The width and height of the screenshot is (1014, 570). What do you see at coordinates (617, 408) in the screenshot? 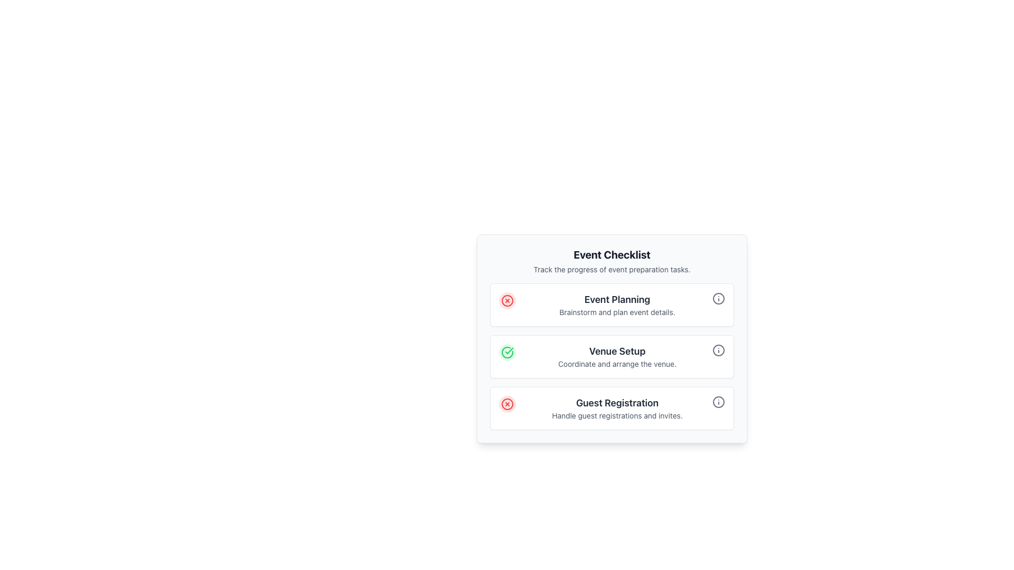
I see `text content of the text block titled 'Guest Registration' located at the bottom of the card layout` at bounding box center [617, 408].